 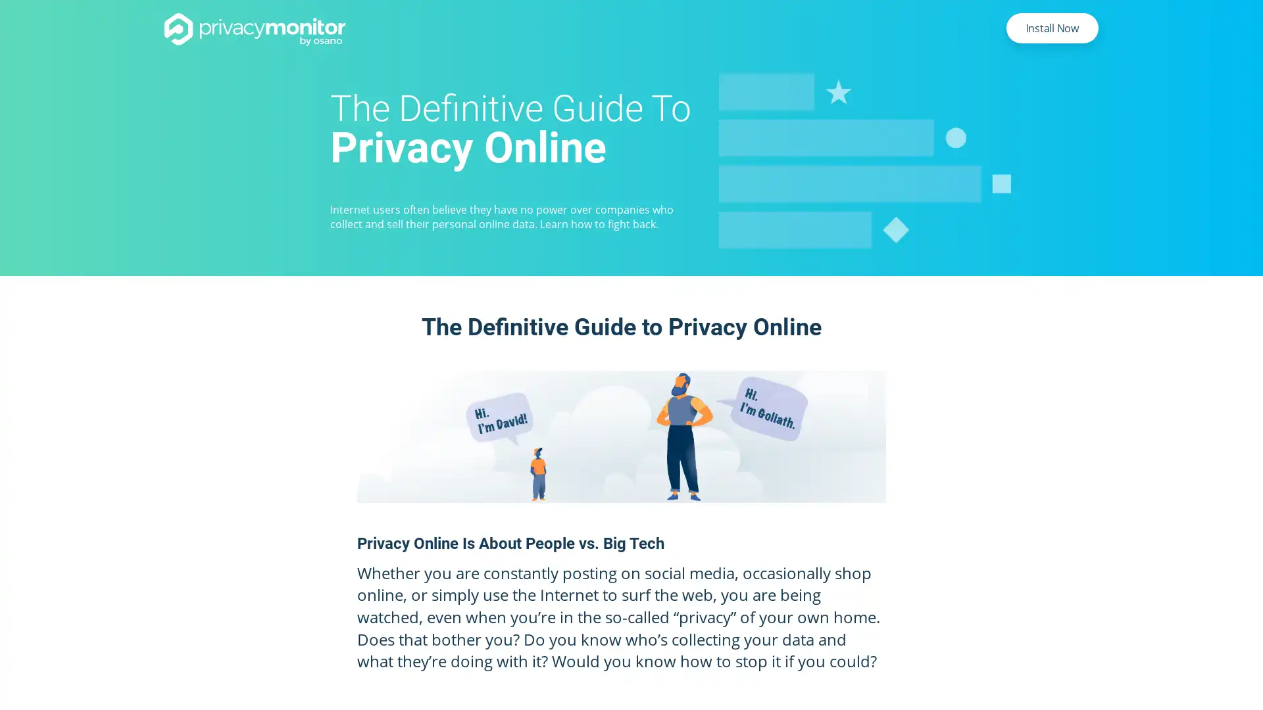 I want to click on Install Now, so click(x=1051, y=28).